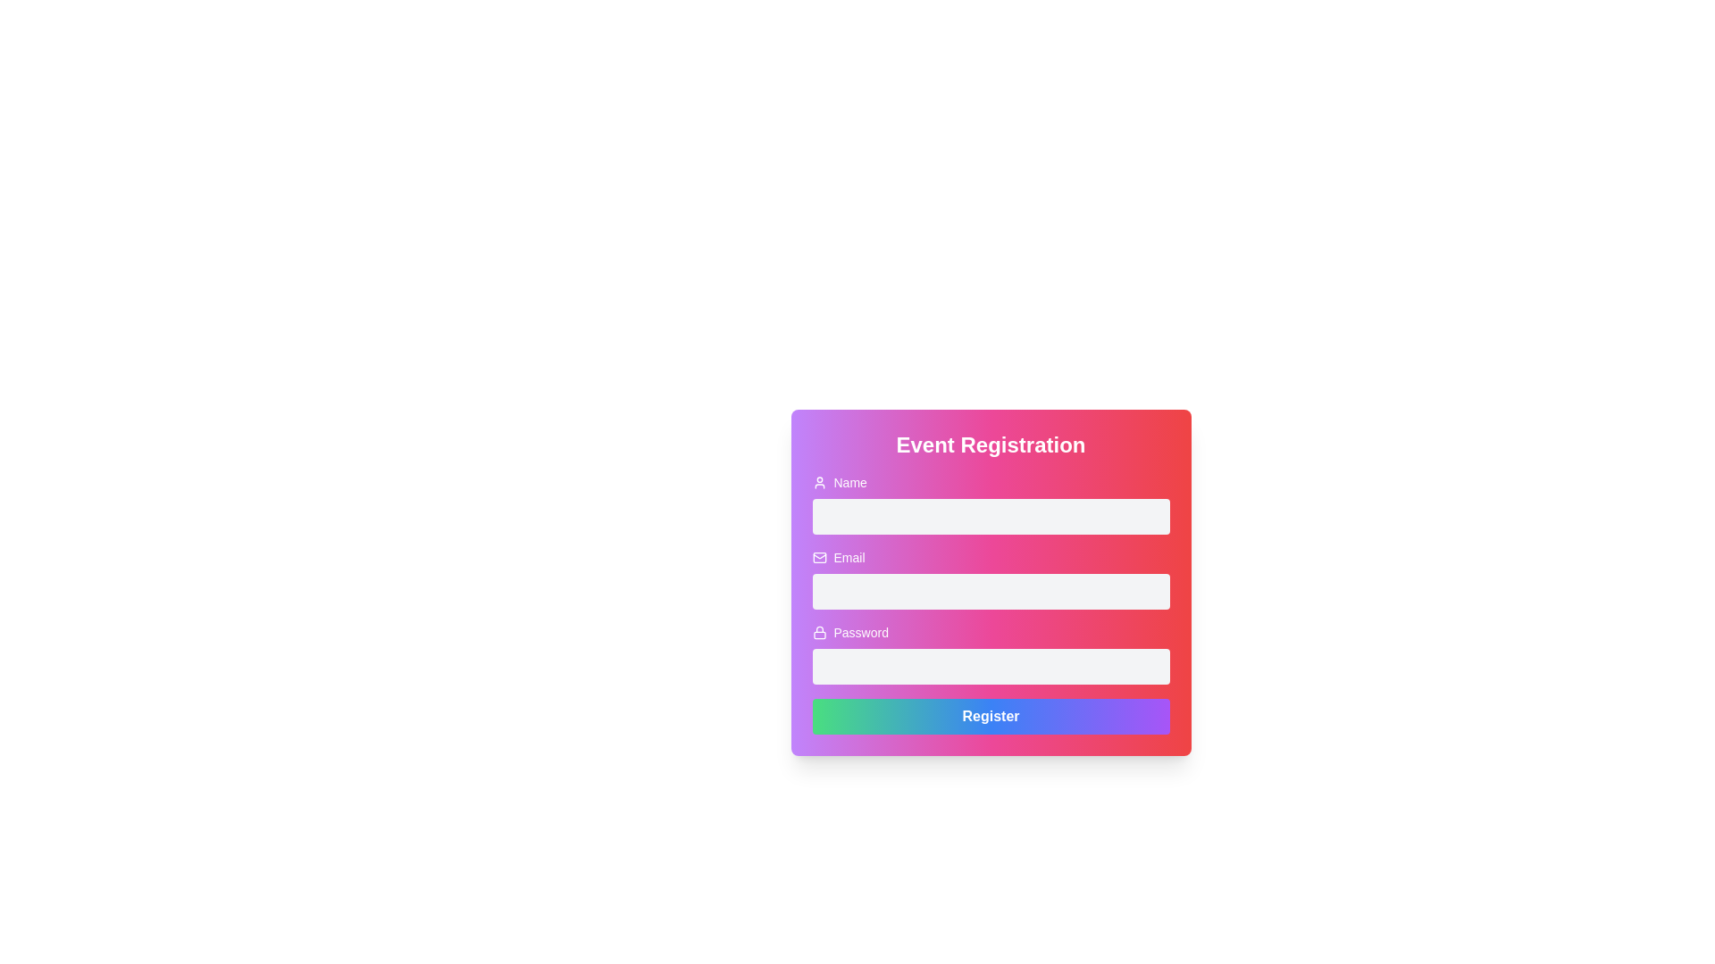  I want to click on the submission button located at the bottom of the form layout to view context options, so click(990, 715).